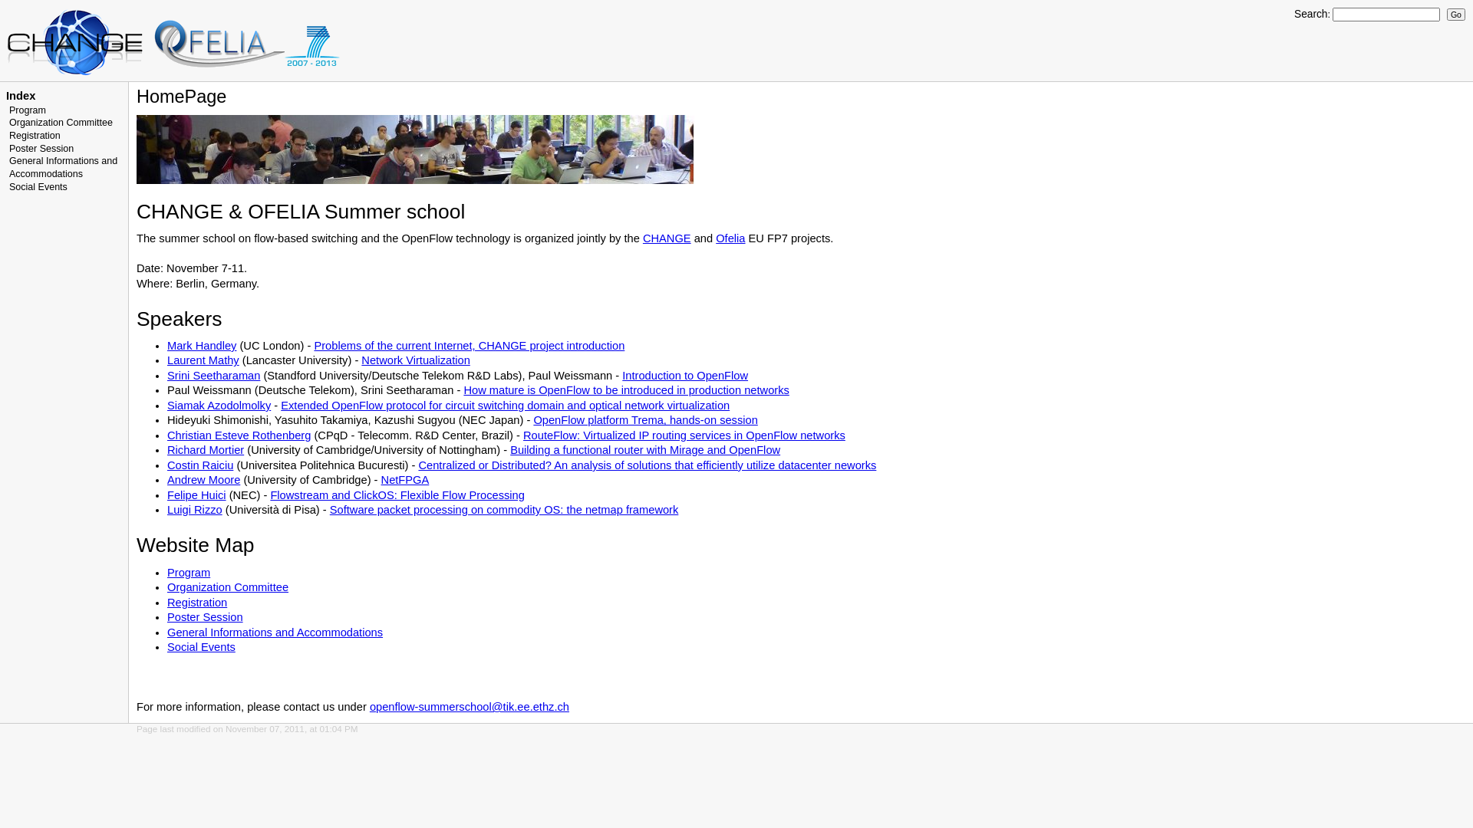  Describe the element at coordinates (684, 375) in the screenshot. I see `'Introduction to OpenFlow'` at that location.